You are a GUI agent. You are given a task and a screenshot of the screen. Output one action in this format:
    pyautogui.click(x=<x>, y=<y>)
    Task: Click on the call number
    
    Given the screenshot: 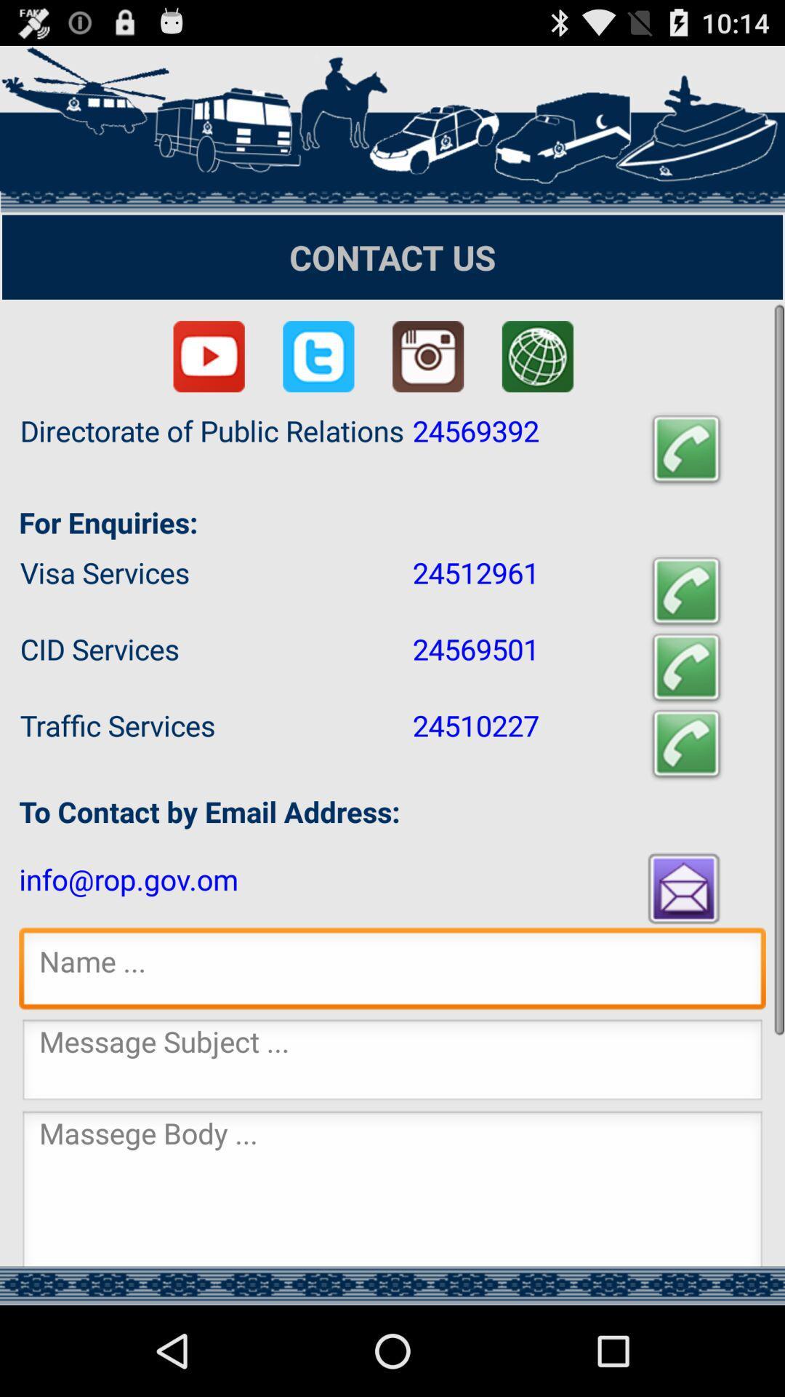 What is the action you would take?
    pyautogui.click(x=686, y=449)
    